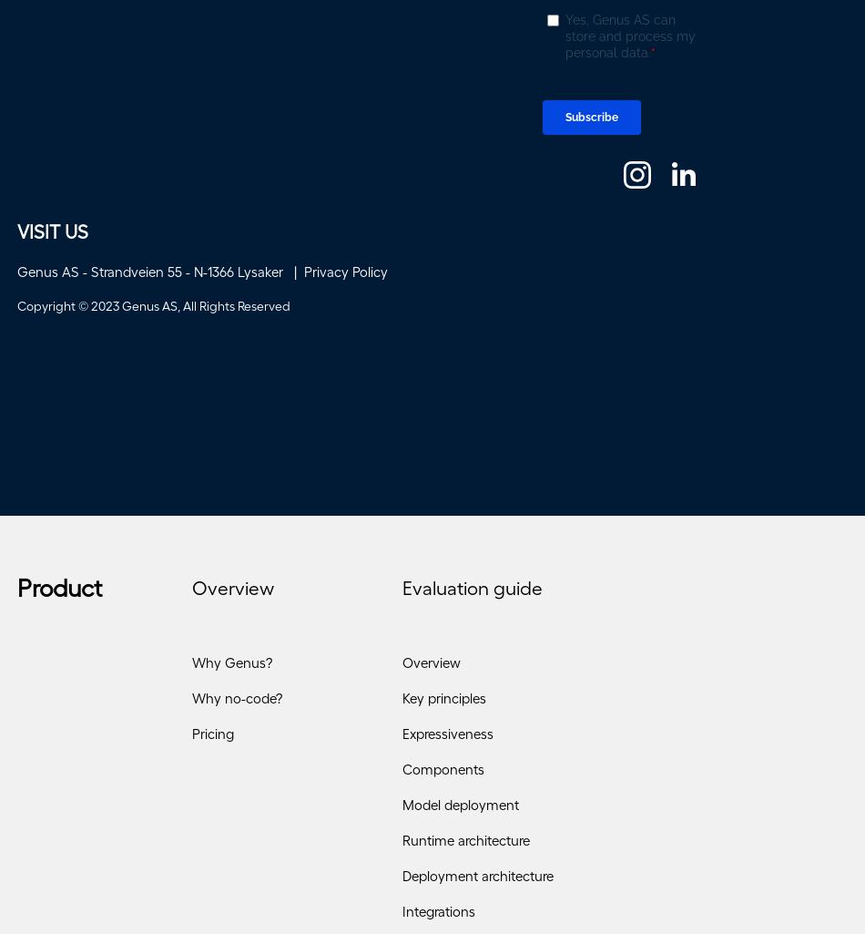  Describe the element at coordinates (17, 311) in the screenshot. I see `'Copyright © 2023 Genus AS, All Rights Reserved'` at that location.